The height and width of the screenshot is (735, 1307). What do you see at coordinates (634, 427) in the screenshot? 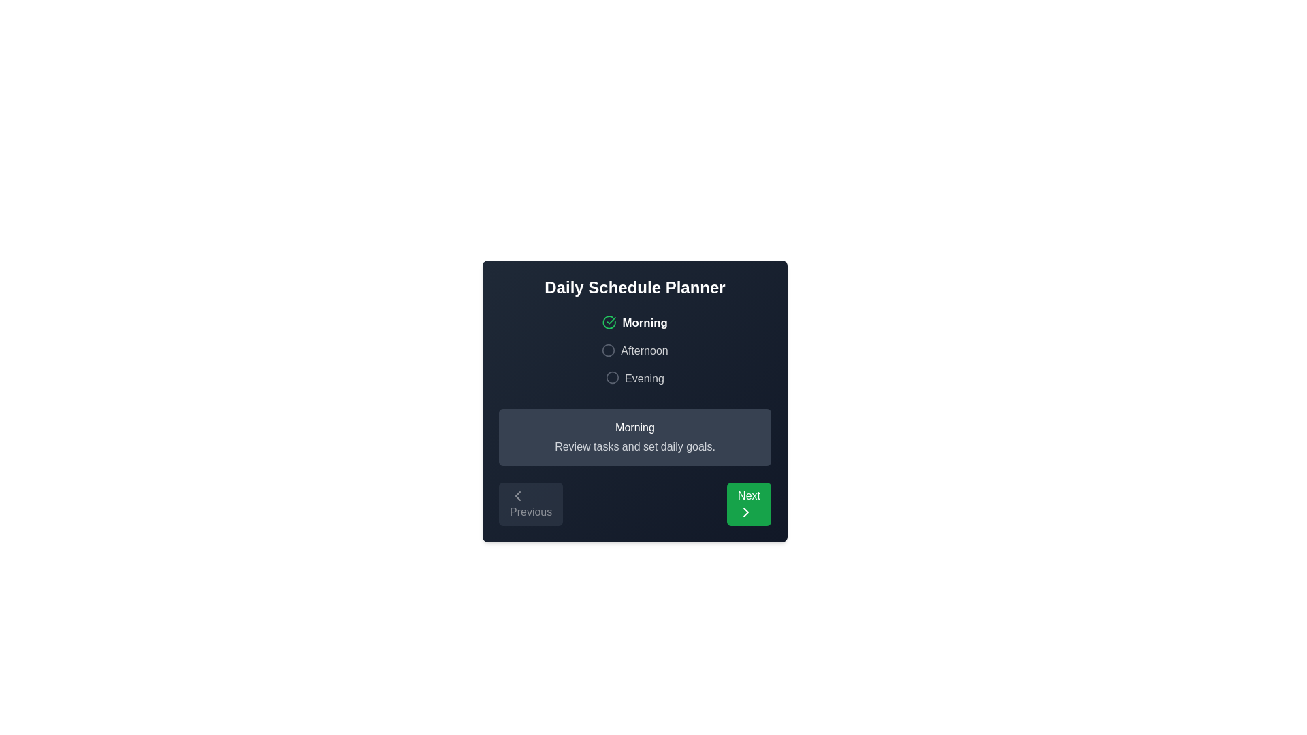
I see `the text label displaying 'Morning' on a dark gray background, which provides guidance related to the morning selection` at bounding box center [634, 427].